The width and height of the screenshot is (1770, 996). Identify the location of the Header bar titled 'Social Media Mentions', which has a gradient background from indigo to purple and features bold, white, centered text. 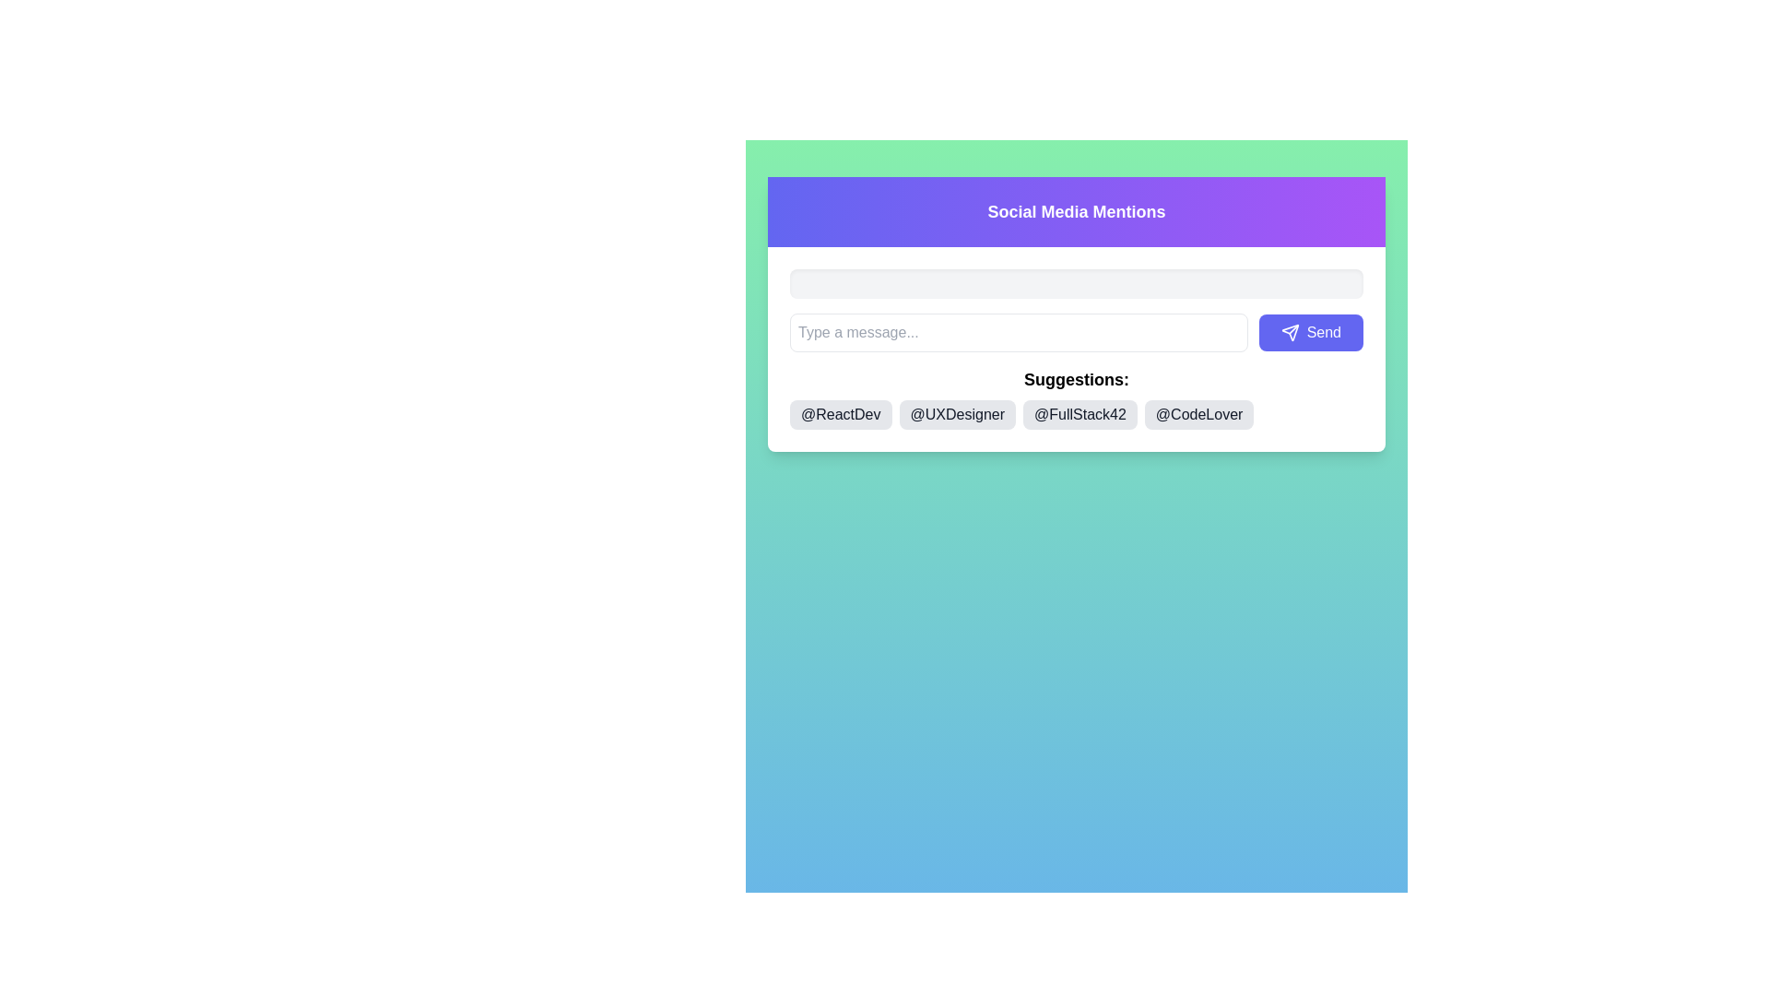
(1076, 211).